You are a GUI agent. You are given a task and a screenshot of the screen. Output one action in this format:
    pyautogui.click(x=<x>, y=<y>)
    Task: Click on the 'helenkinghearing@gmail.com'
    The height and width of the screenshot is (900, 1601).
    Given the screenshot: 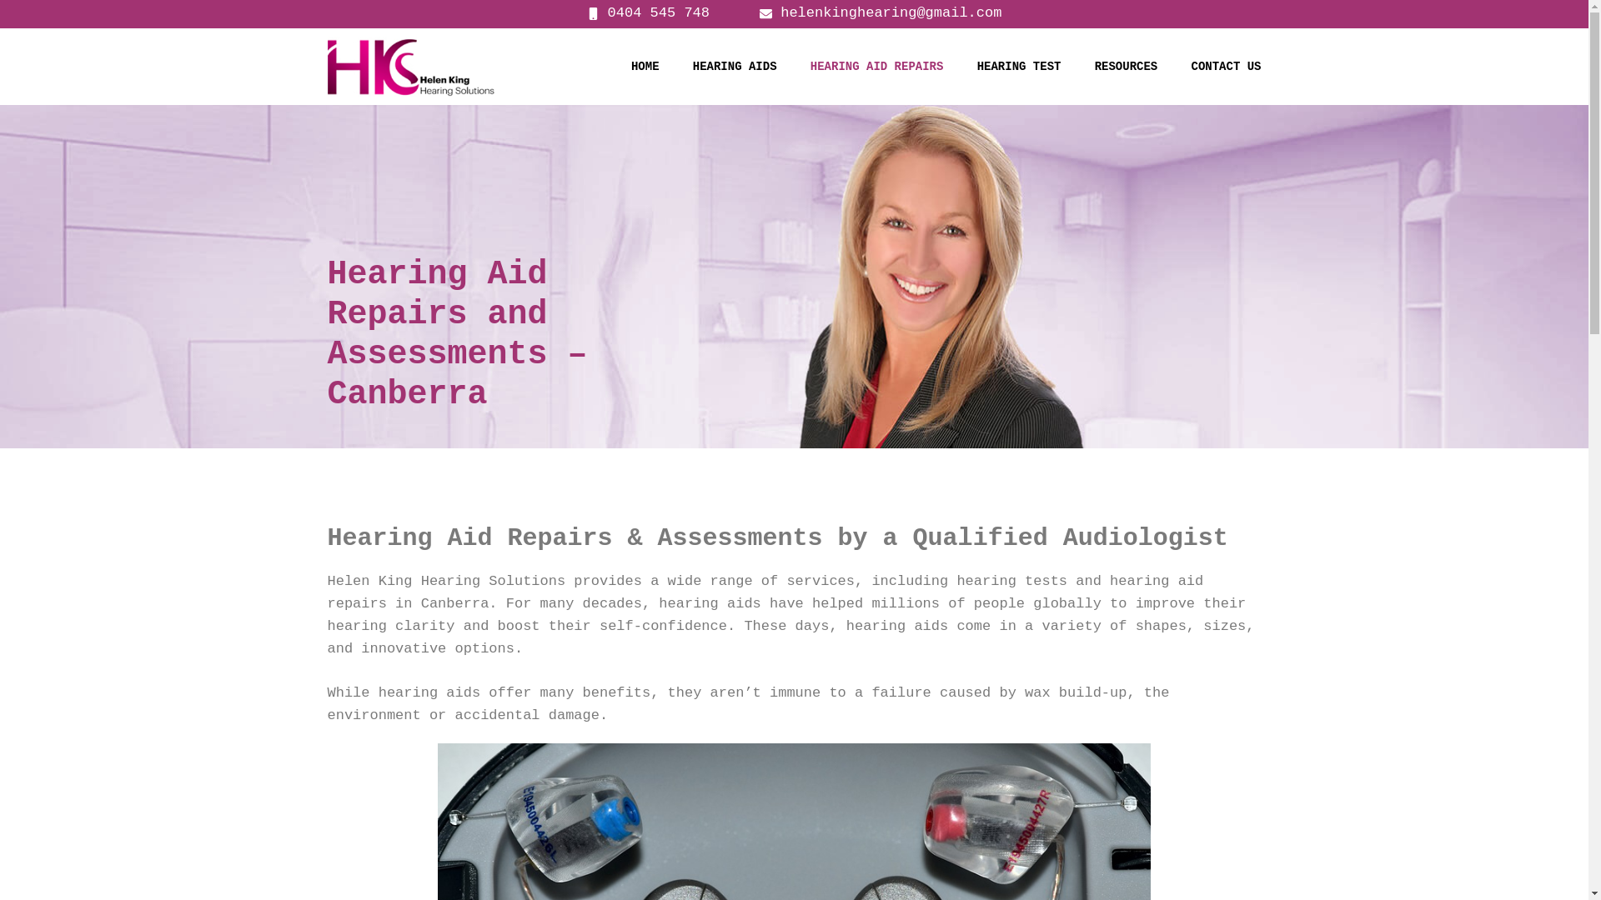 What is the action you would take?
    pyautogui.click(x=759, y=12)
    